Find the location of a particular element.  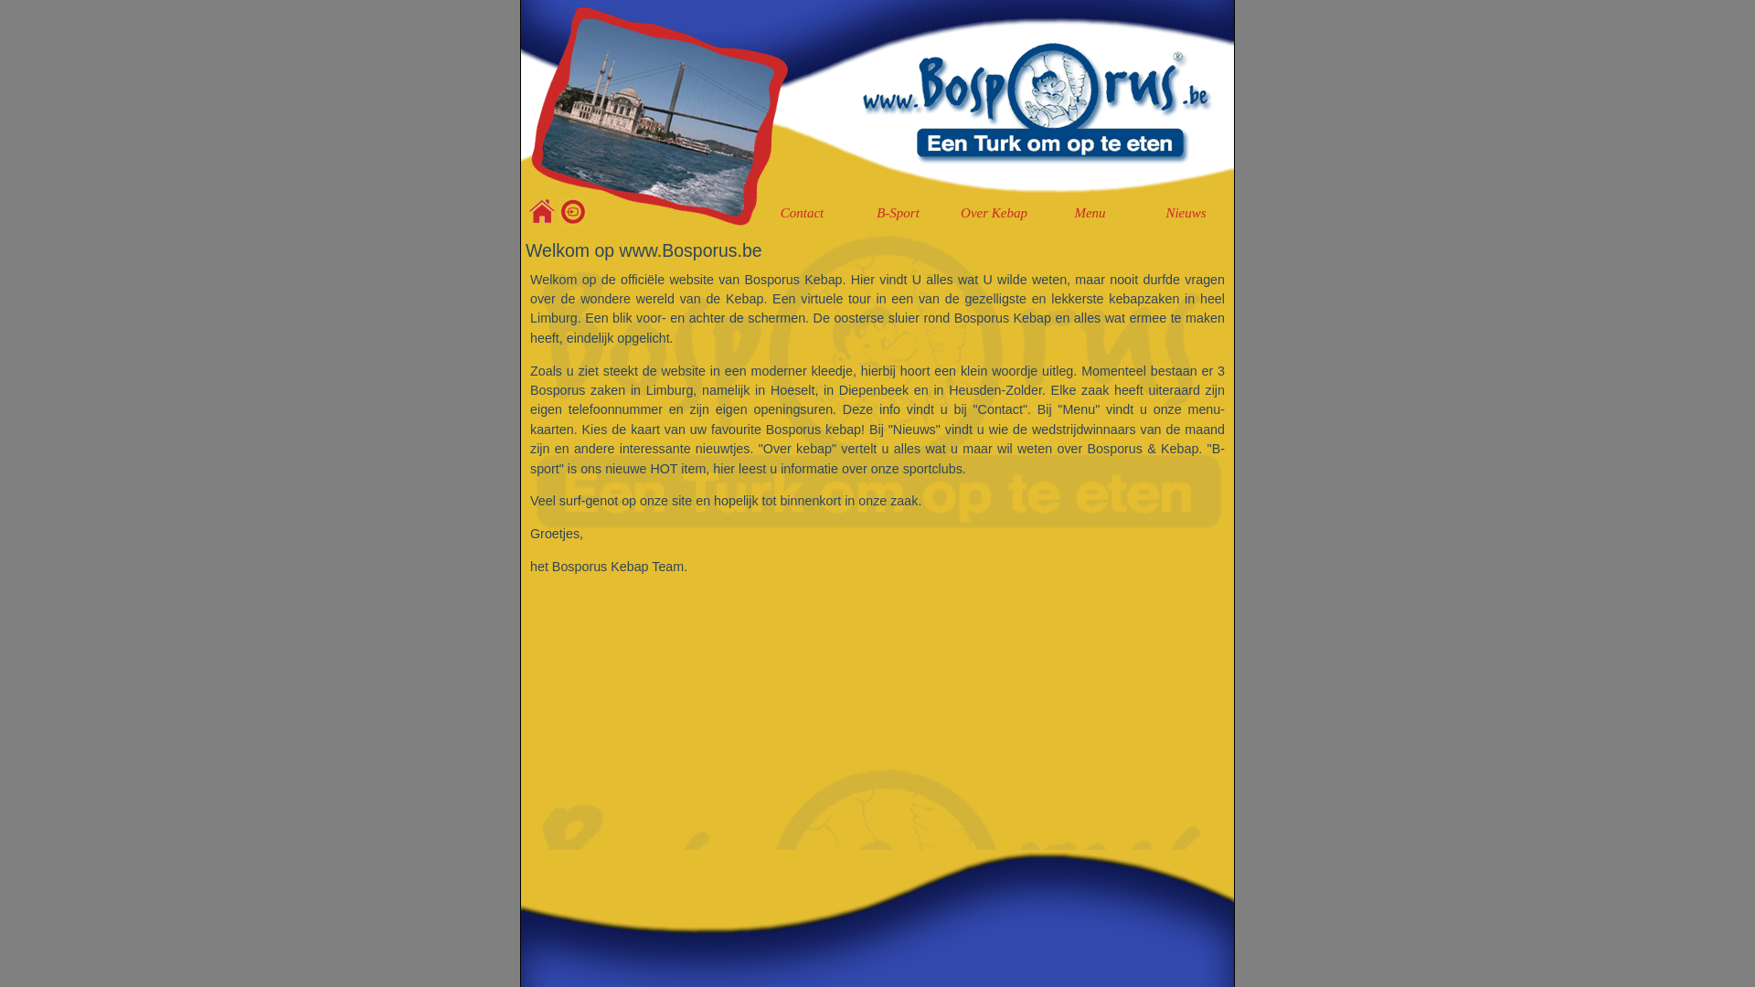

'B-Sport' is located at coordinates (898, 213).